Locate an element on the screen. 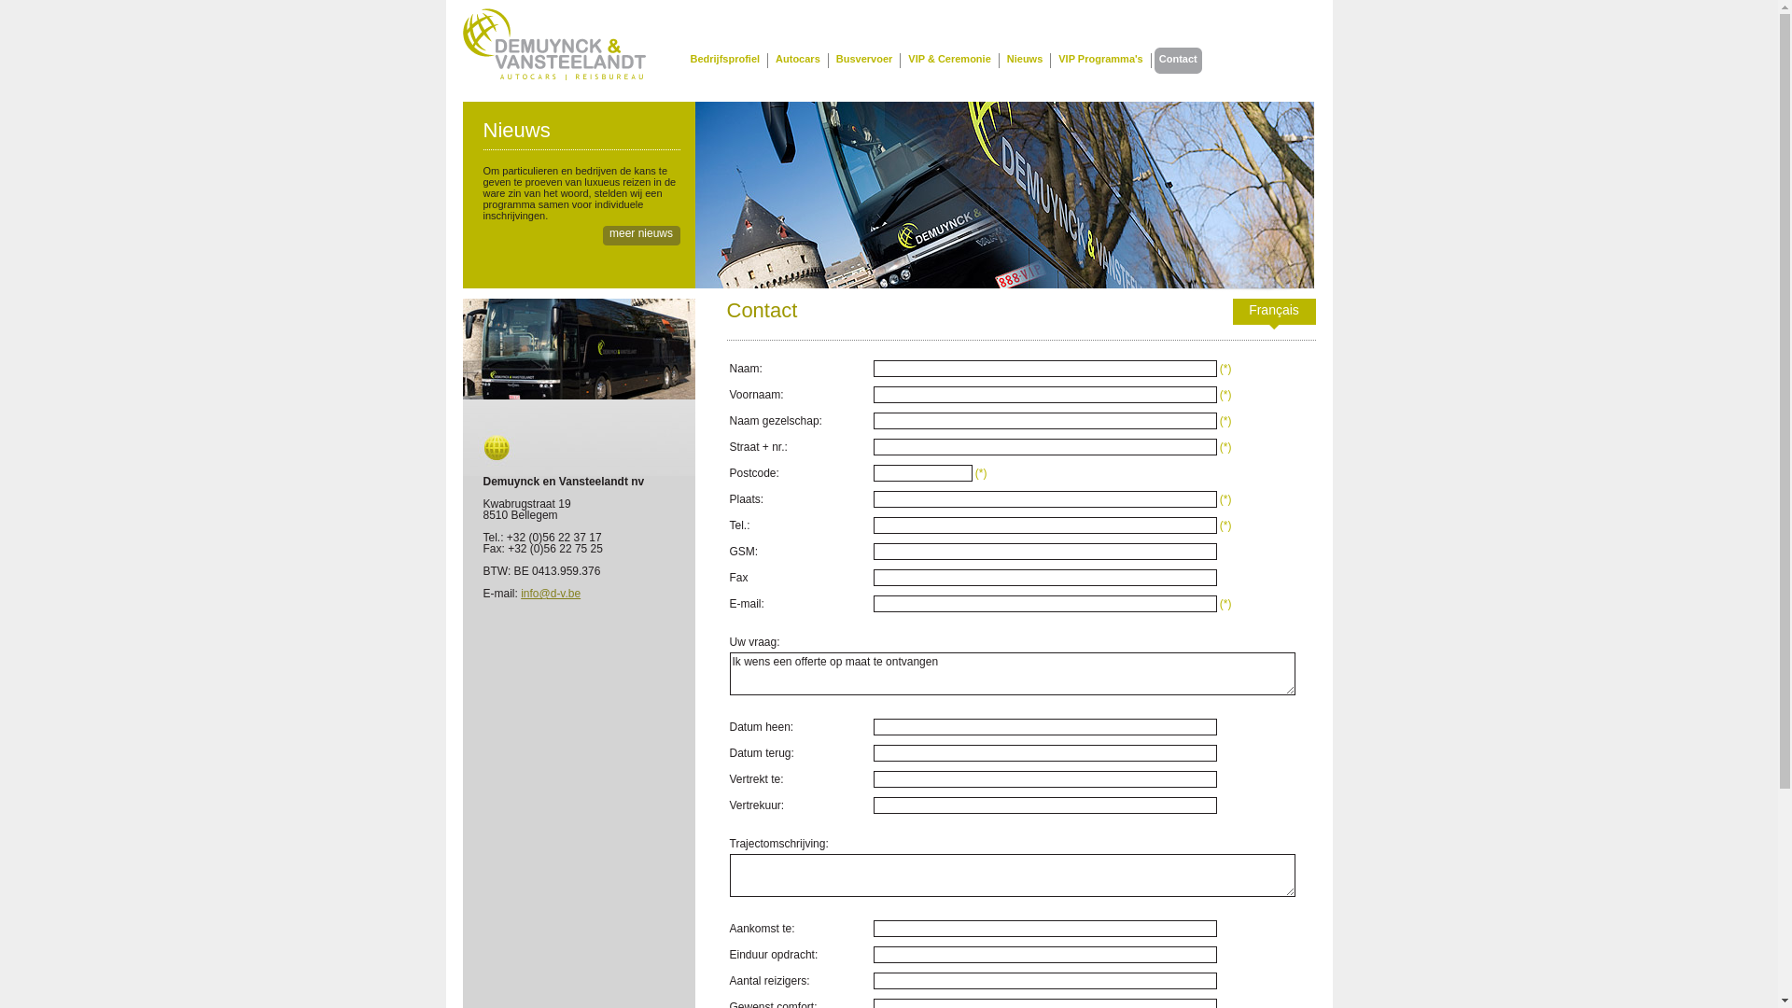 This screenshot has height=1008, width=1792. 'Bedrijfsprofiel' is located at coordinates (723, 60).